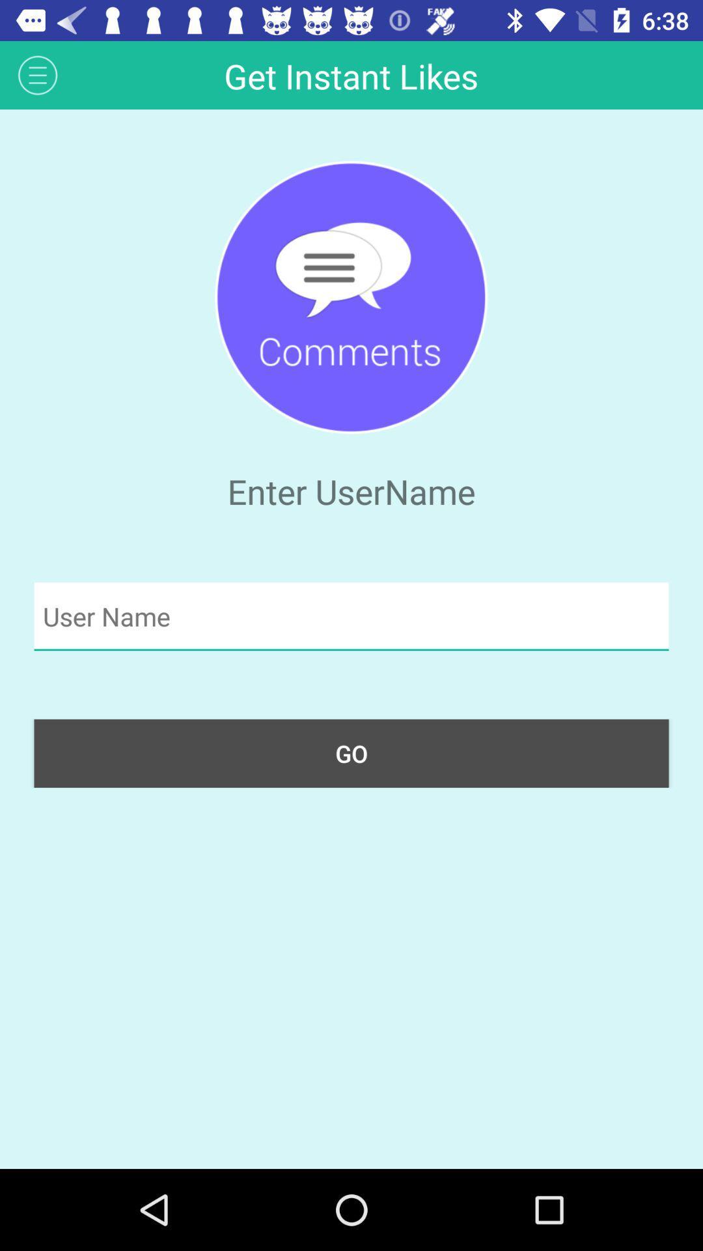 The height and width of the screenshot is (1251, 703). Describe the element at coordinates (351, 753) in the screenshot. I see `go icon` at that location.